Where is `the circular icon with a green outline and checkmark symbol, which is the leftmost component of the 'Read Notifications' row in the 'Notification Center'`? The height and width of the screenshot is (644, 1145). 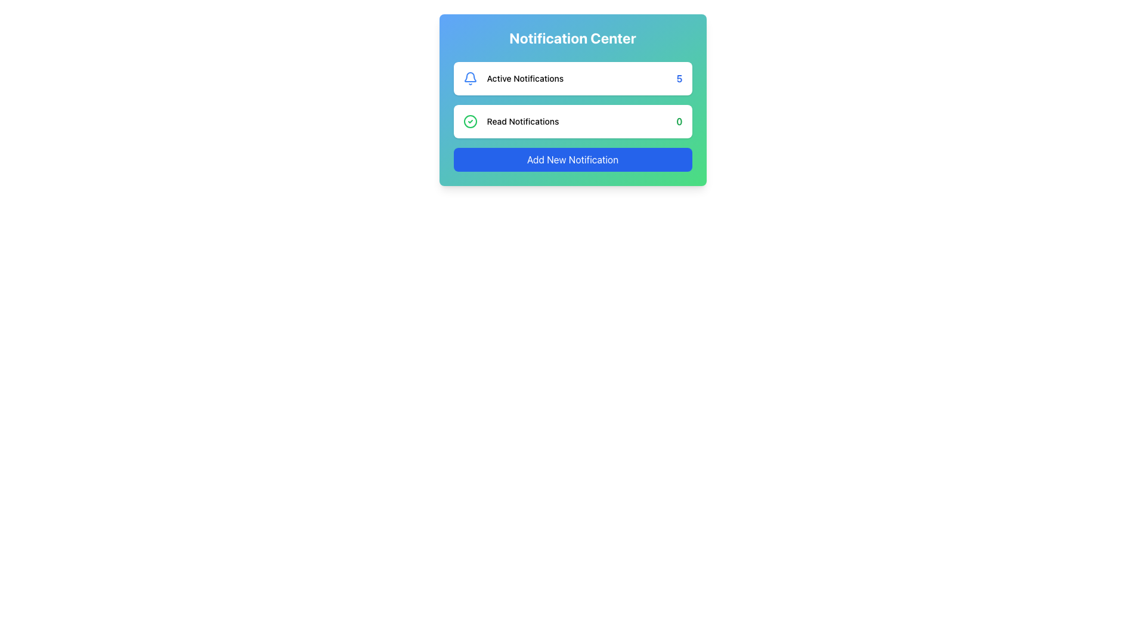
the circular icon with a green outline and checkmark symbol, which is the leftmost component of the 'Read Notifications' row in the 'Notification Center' is located at coordinates (469, 122).